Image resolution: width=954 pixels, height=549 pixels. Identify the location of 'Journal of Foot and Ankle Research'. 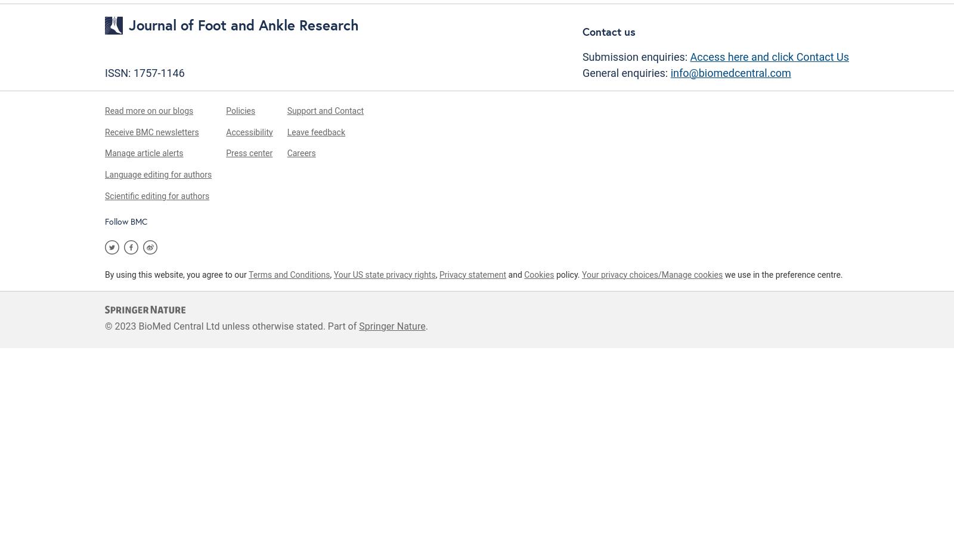
(243, 25).